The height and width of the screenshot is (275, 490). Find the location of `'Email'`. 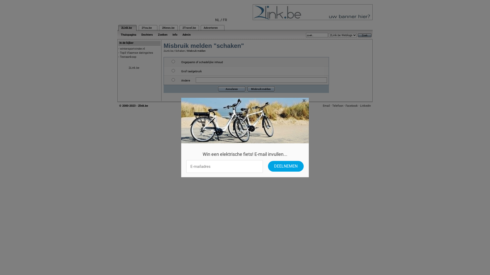

'Email' is located at coordinates (326, 105).